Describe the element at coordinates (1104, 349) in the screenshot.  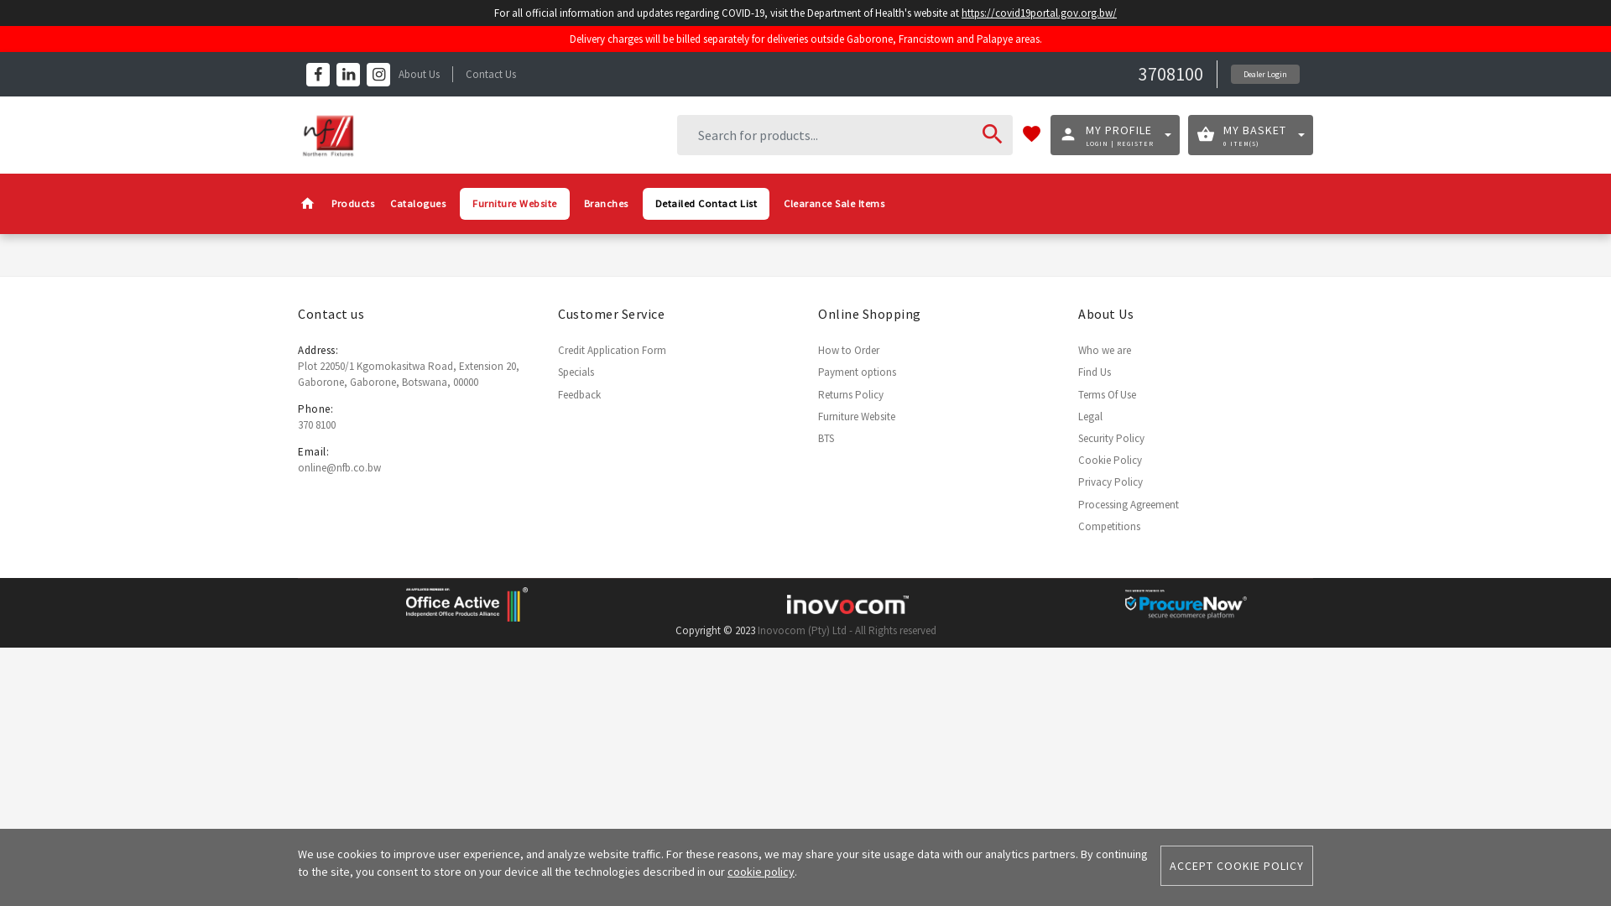
I see `'Who we are'` at that location.